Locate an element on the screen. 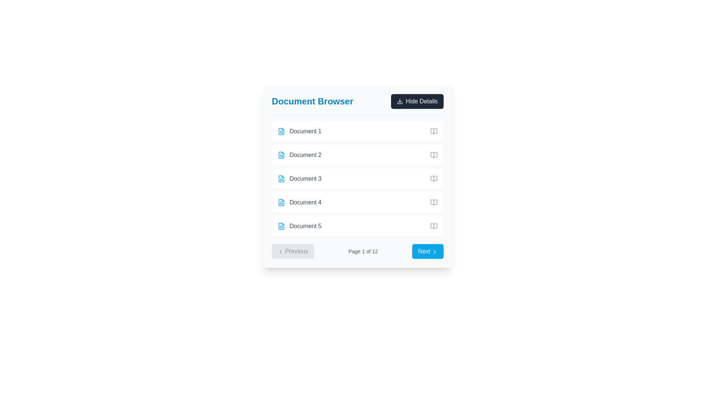 This screenshot has height=400, width=711. the label for the fourth document in the list, which is part of the 'Document Browser' section is located at coordinates (306, 203).